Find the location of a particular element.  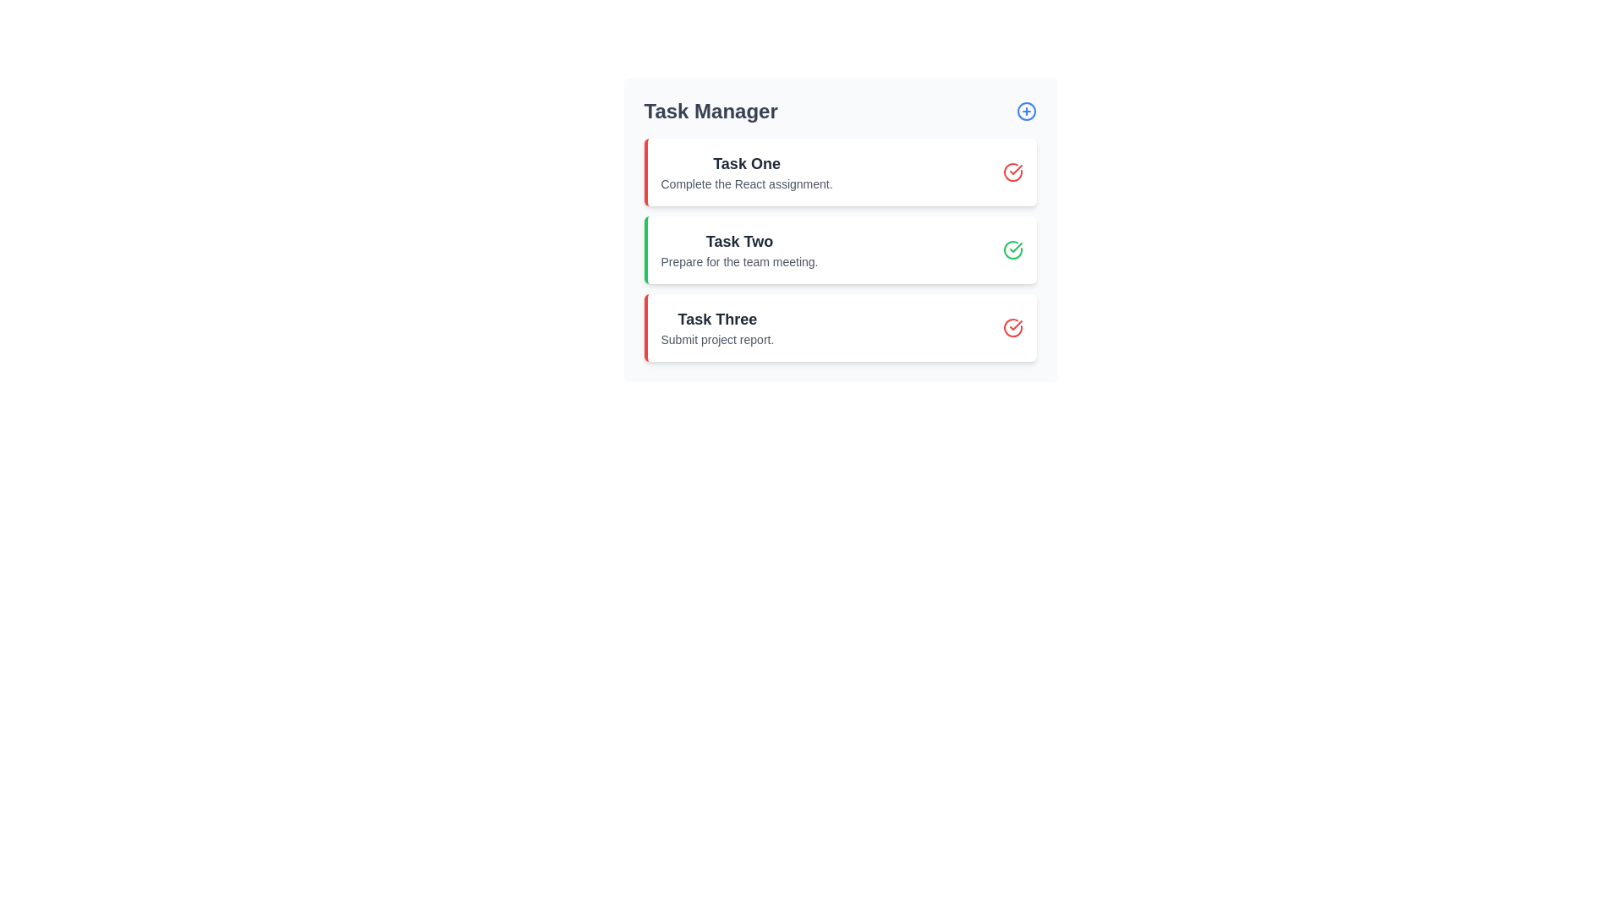

the text display showing 'Task Two' is located at coordinates (739, 250).